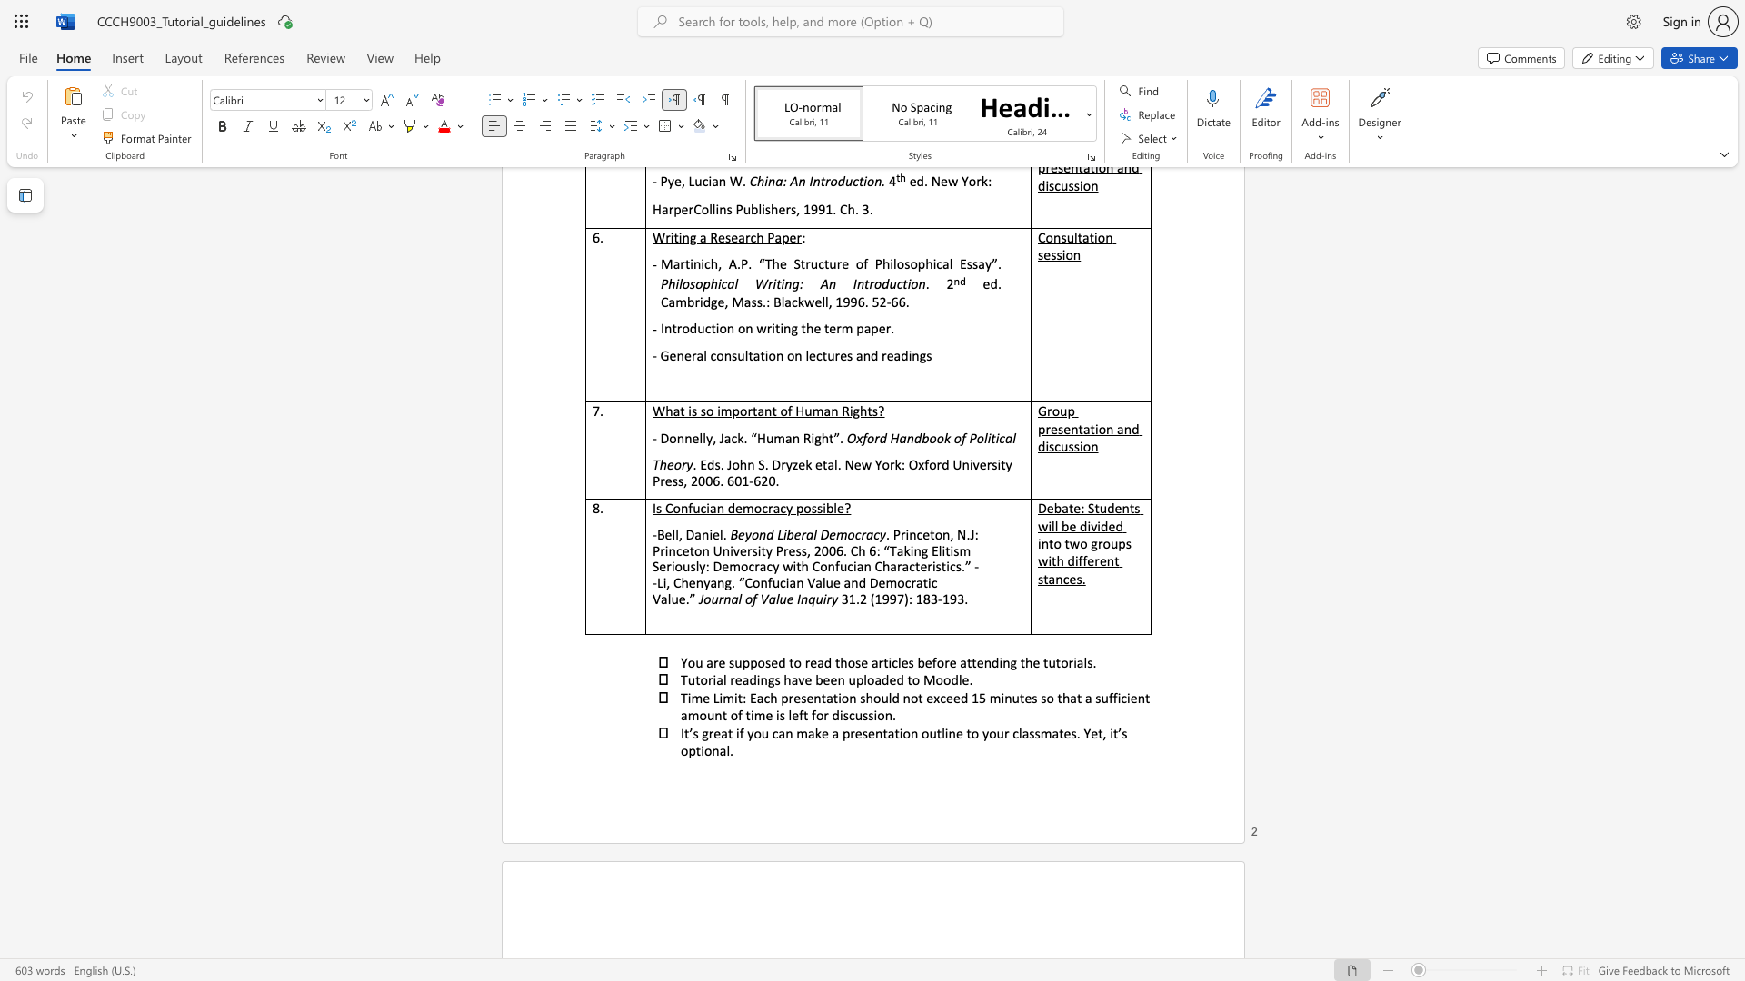 Image resolution: width=1745 pixels, height=981 pixels. Describe the element at coordinates (903, 599) in the screenshot. I see `the subset text "): 183-19" within the text "31.2 (1997): 183-193."` at that location.